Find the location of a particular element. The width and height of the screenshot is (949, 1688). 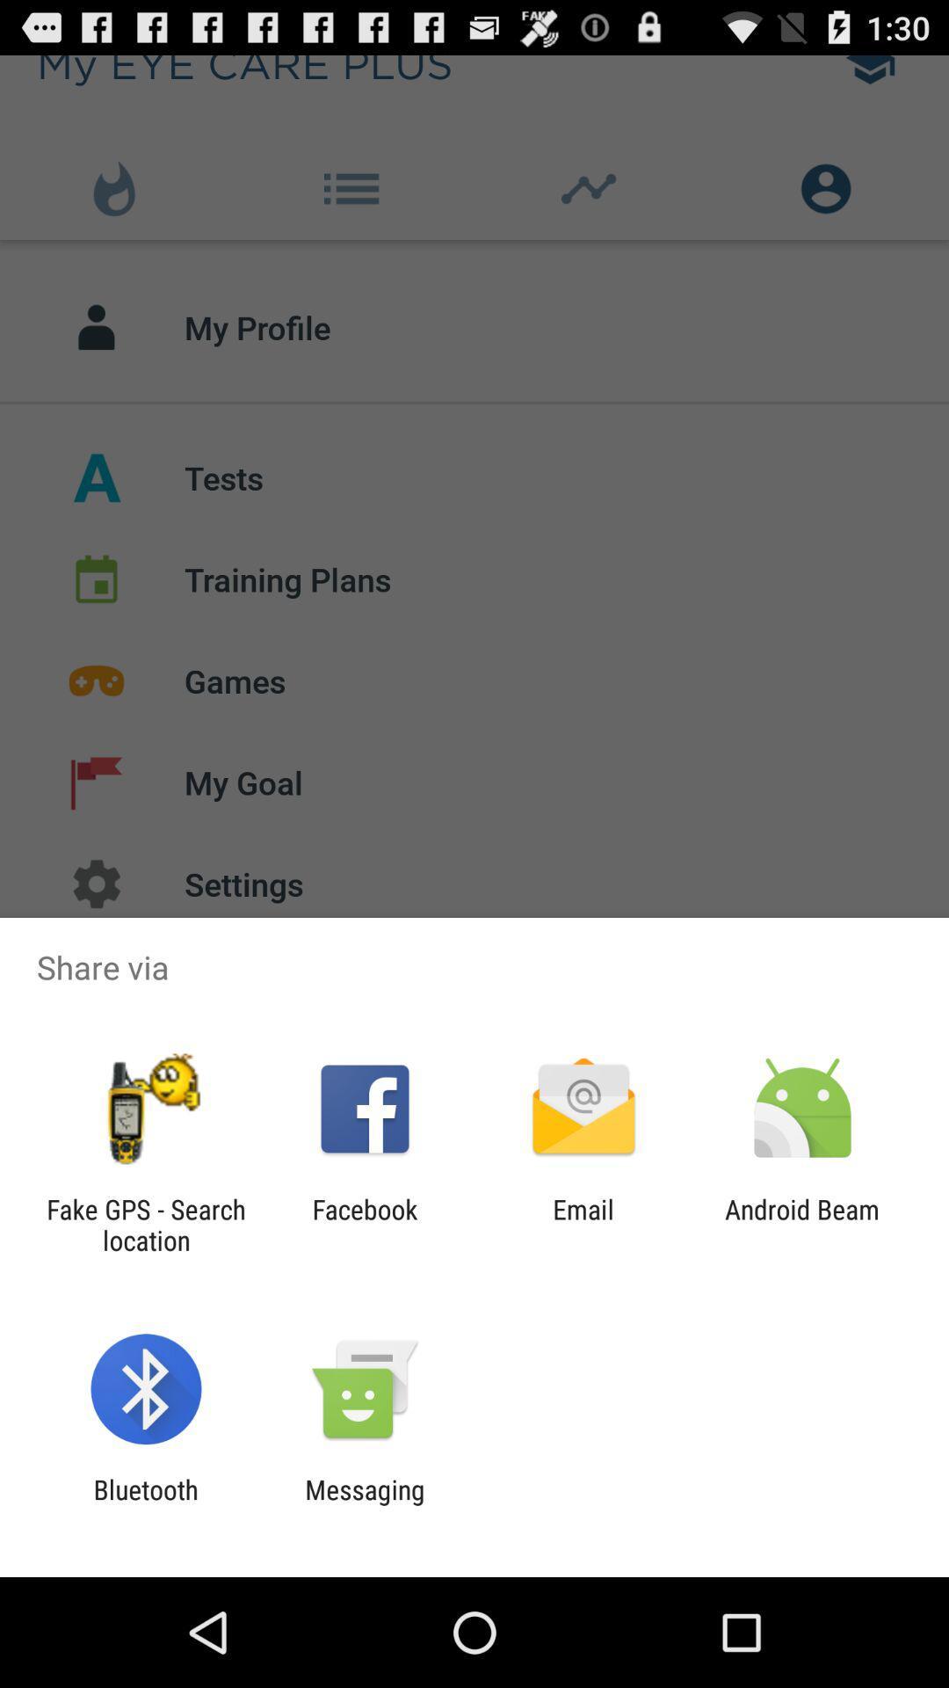

facebook app is located at coordinates (364, 1224).